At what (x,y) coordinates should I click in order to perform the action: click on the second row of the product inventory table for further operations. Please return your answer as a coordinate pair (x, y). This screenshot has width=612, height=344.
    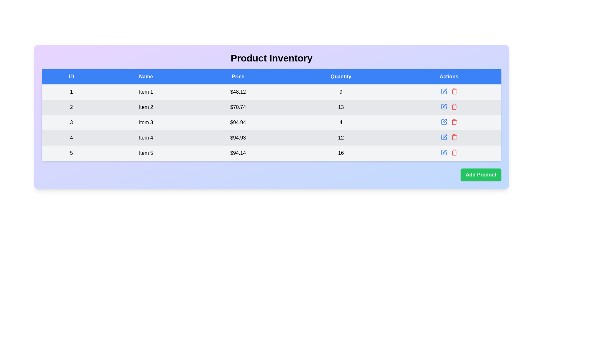
    Looking at the image, I should click on (271, 107).